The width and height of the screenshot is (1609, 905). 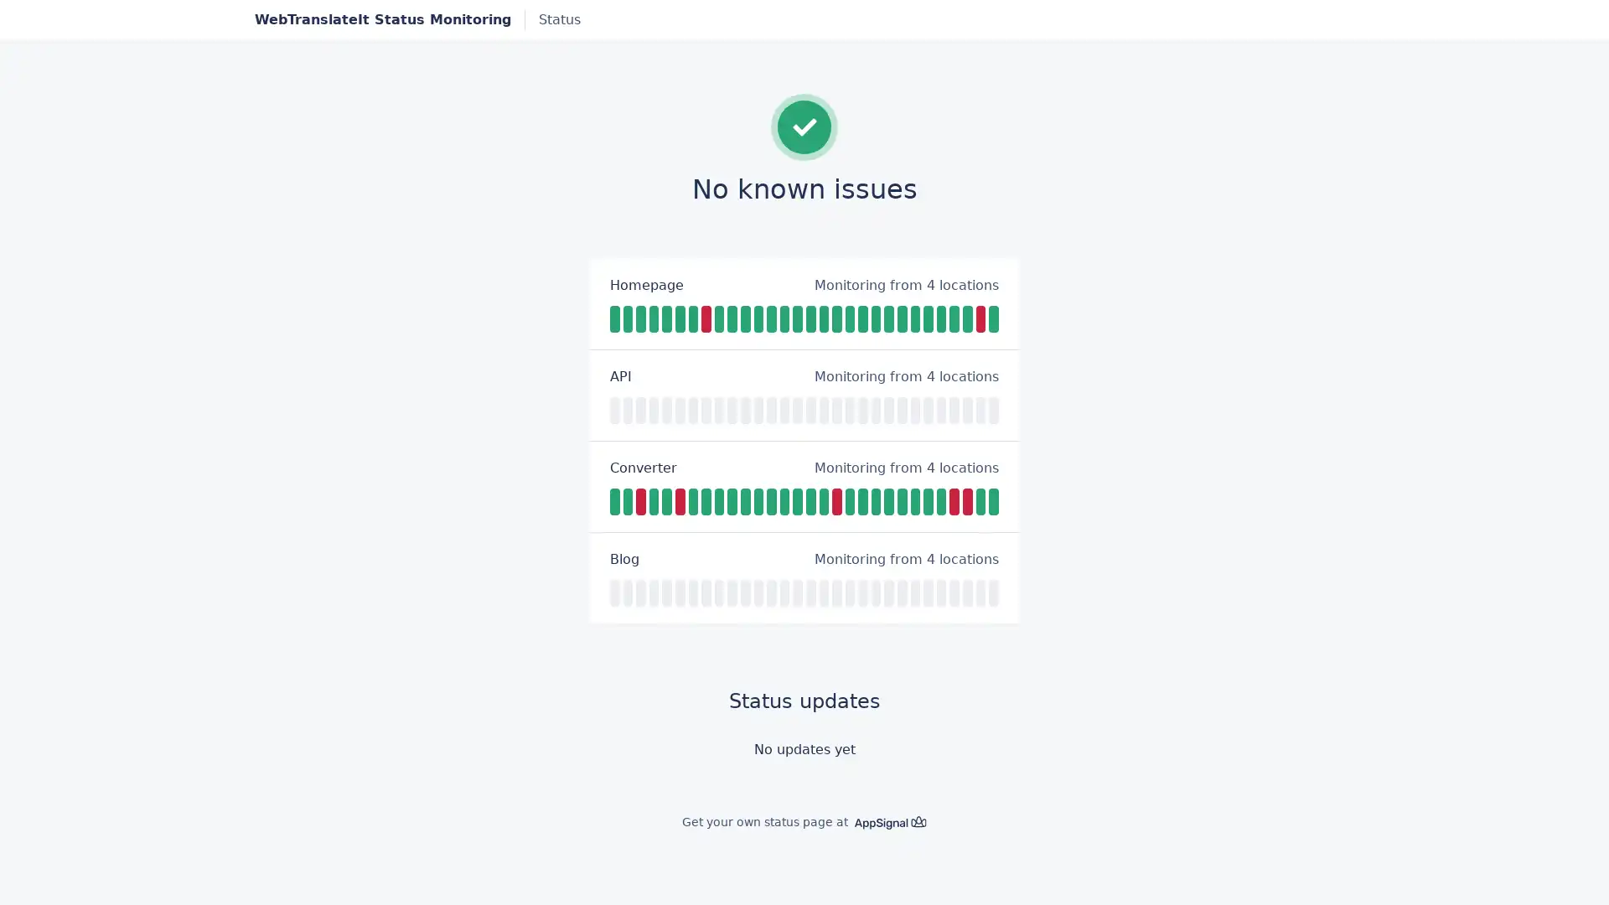 I want to click on API, so click(x=619, y=375).